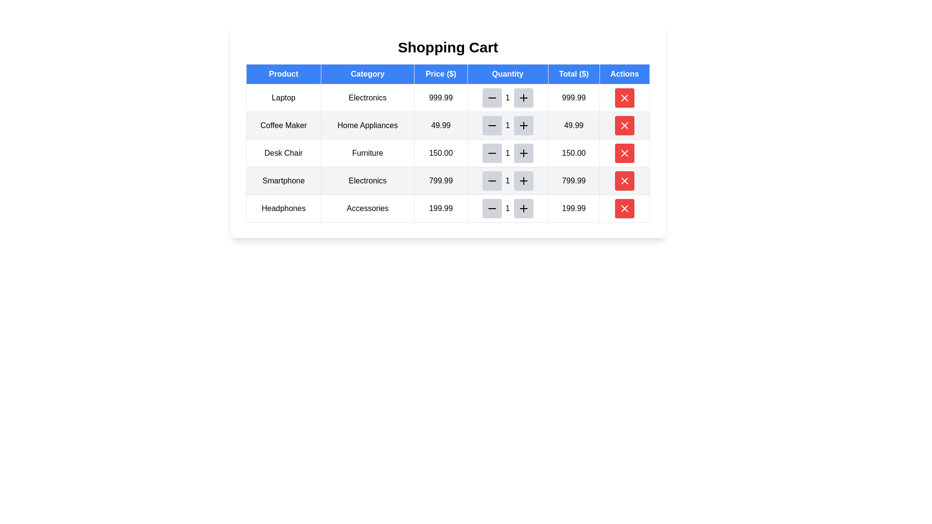  Describe the element at coordinates (492, 153) in the screenshot. I see `the small black minus icon inside the rounded gray button to decrement the quantity for the 'Desk Chair' product entry in the 'Quantity' column` at that location.